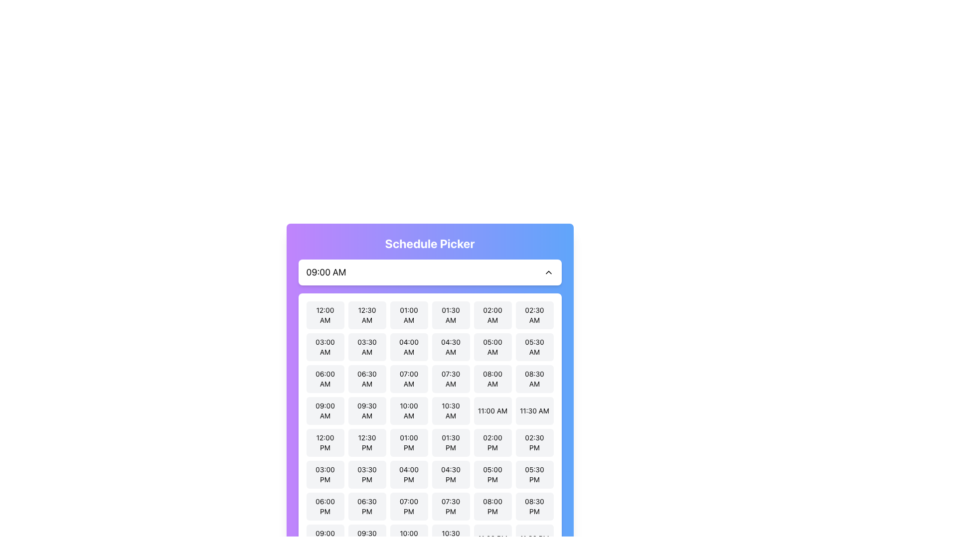  What do you see at coordinates (492, 347) in the screenshot?
I see `the button displaying '05:00 AM' in black font within the light gray background` at bounding box center [492, 347].